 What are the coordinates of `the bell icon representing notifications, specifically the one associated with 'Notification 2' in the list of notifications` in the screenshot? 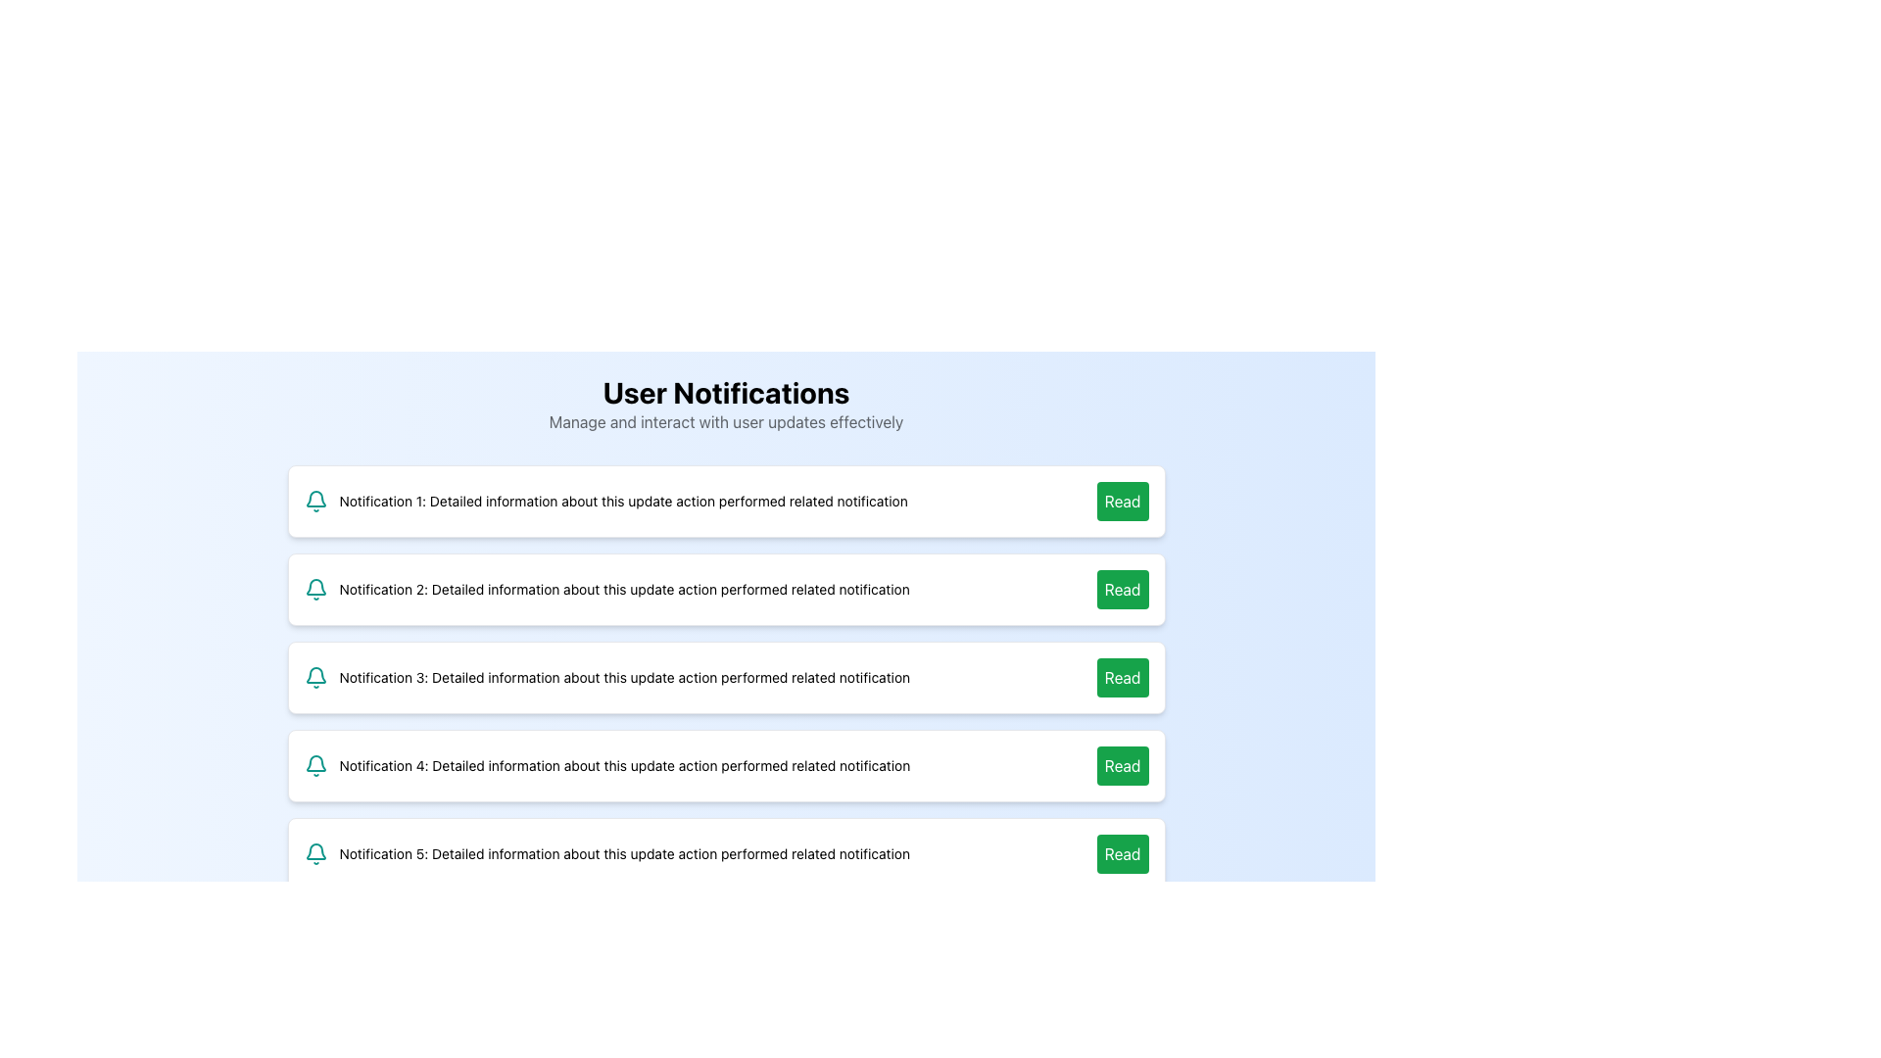 It's located at (315, 588).